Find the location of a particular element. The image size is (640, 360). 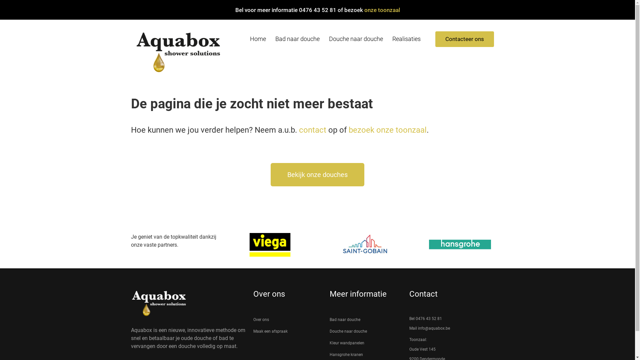

'Hansgrohe kranen' is located at coordinates (329, 354).